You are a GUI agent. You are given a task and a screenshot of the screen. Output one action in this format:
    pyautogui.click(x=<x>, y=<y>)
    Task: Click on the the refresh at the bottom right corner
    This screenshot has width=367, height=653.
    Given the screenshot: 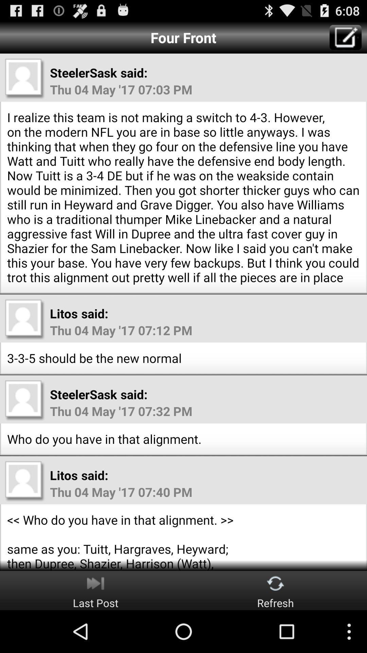 What is the action you would take?
    pyautogui.click(x=276, y=590)
    